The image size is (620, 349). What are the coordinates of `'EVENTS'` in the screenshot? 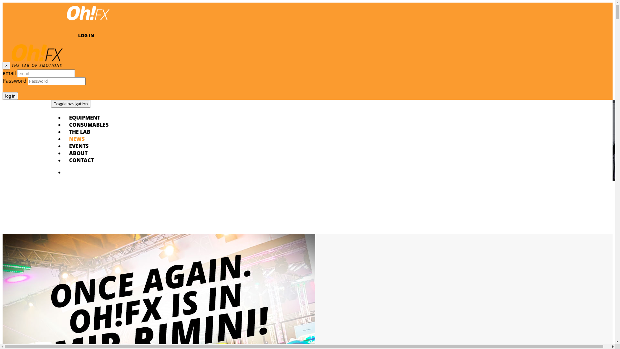 It's located at (78, 146).